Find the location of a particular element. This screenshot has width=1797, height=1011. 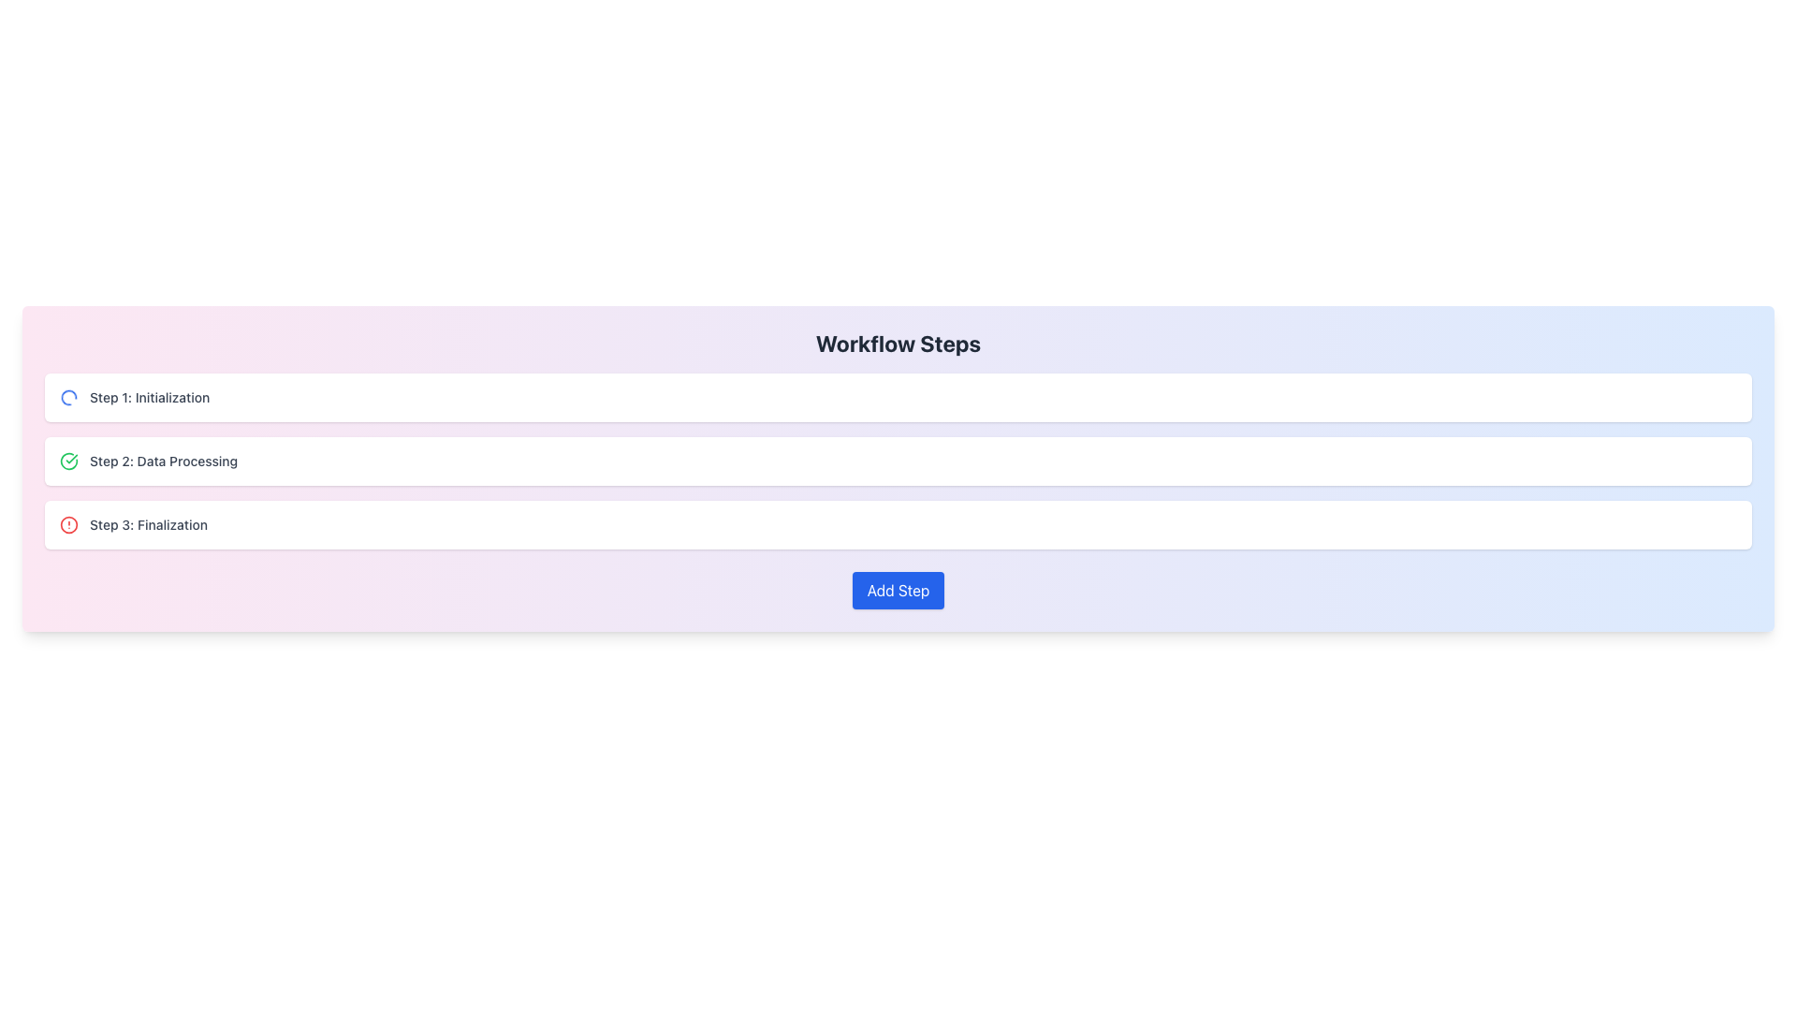

the circular Graphic Indicator located at the center of the alert icon next to 'Step 3: Finalization' is located at coordinates (68, 524).